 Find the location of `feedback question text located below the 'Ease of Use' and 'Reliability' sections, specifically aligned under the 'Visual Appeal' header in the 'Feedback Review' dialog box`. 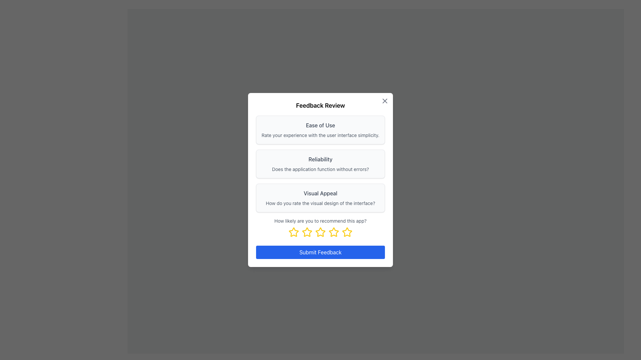

feedback question text located below the 'Ease of Use' and 'Reliability' sections, specifically aligned under the 'Visual Appeal' header in the 'Feedback Review' dialog box is located at coordinates (320, 203).